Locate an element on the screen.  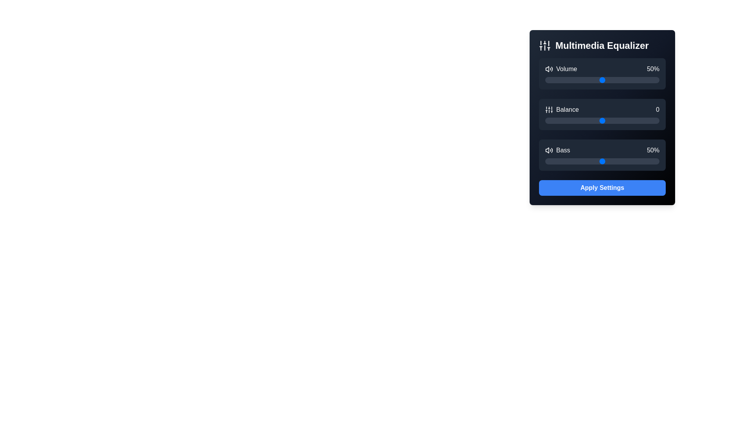
the speaker icon with sound waves, which is styled with a dark theme and white outline, located next to the 'Volume' label in the settings panel is located at coordinates (548, 69).